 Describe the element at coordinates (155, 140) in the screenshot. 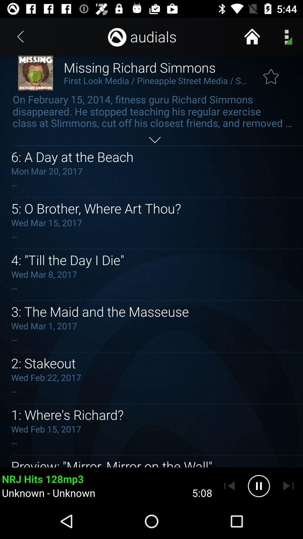

I see `the item above 6 a day item` at that location.